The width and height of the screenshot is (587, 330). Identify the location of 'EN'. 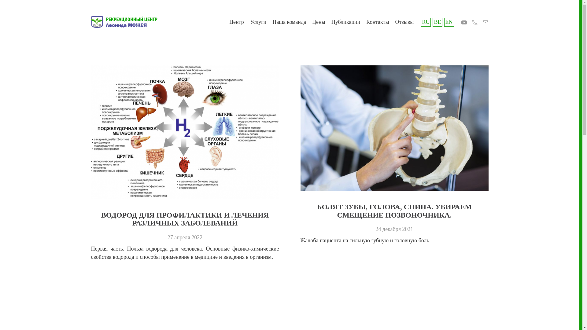
(449, 22).